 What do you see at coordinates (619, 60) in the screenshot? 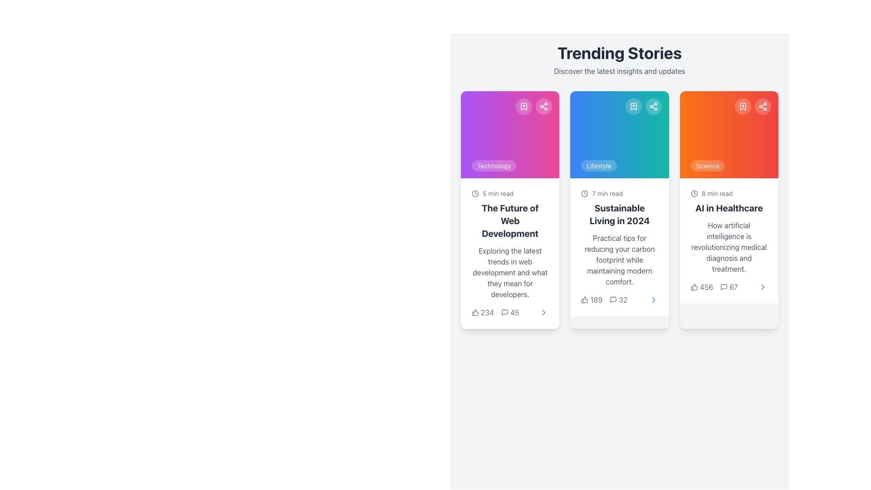
I see `text content of the Text block (heading and subtitle) labeled 'Trending Stories' which introduces the collection of trending stories below it` at bounding box center [619, 60].